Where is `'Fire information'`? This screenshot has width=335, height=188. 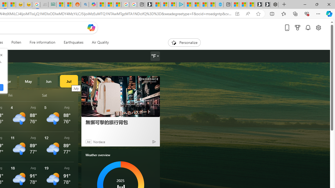 'Fire information' is located at coordinates (42, 42).